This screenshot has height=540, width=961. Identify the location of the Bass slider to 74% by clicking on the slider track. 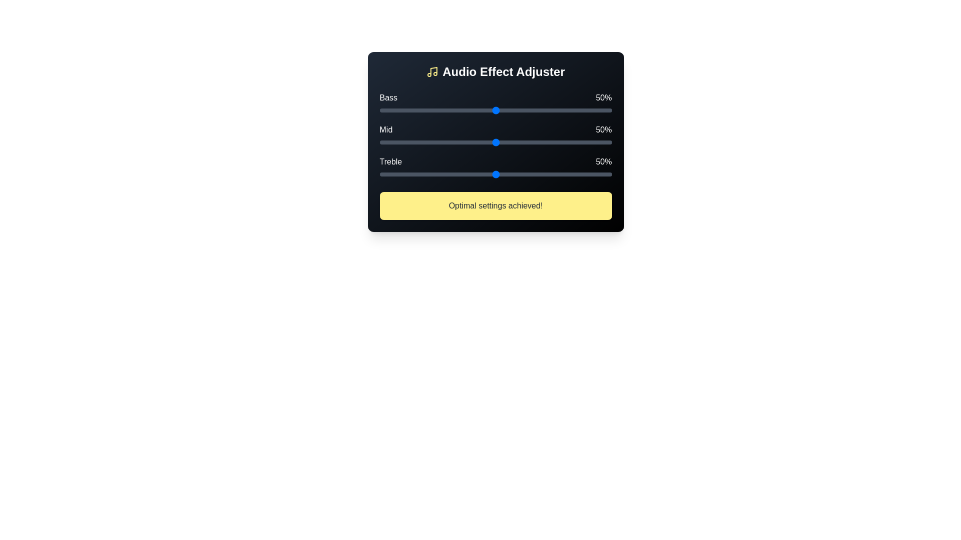
(551, 110).